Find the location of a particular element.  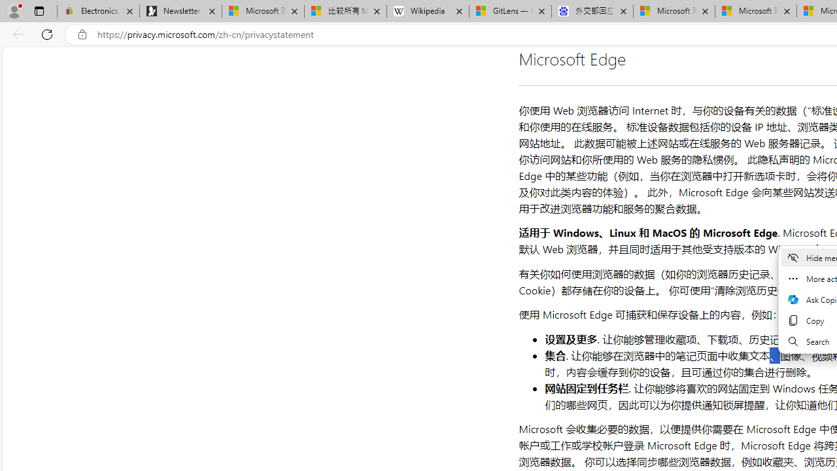

'Newsletter Sign Up' is located at coordinates (180, 11).